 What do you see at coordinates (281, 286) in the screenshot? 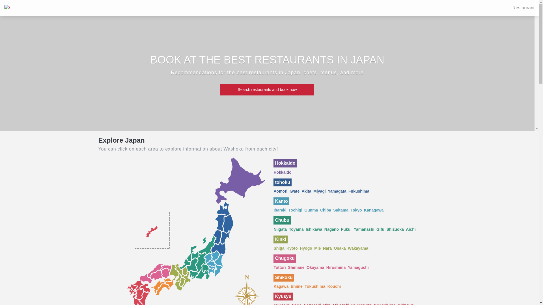
I see `'Kagawa'` at bounding box center [281, 286].